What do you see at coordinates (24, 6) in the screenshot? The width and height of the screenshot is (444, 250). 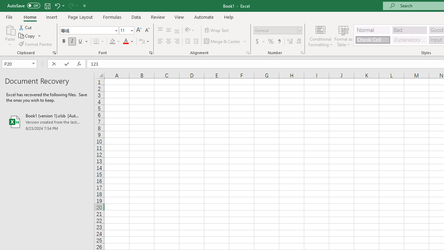 I see `'AutoSave'` at bounding box center [24, 6].